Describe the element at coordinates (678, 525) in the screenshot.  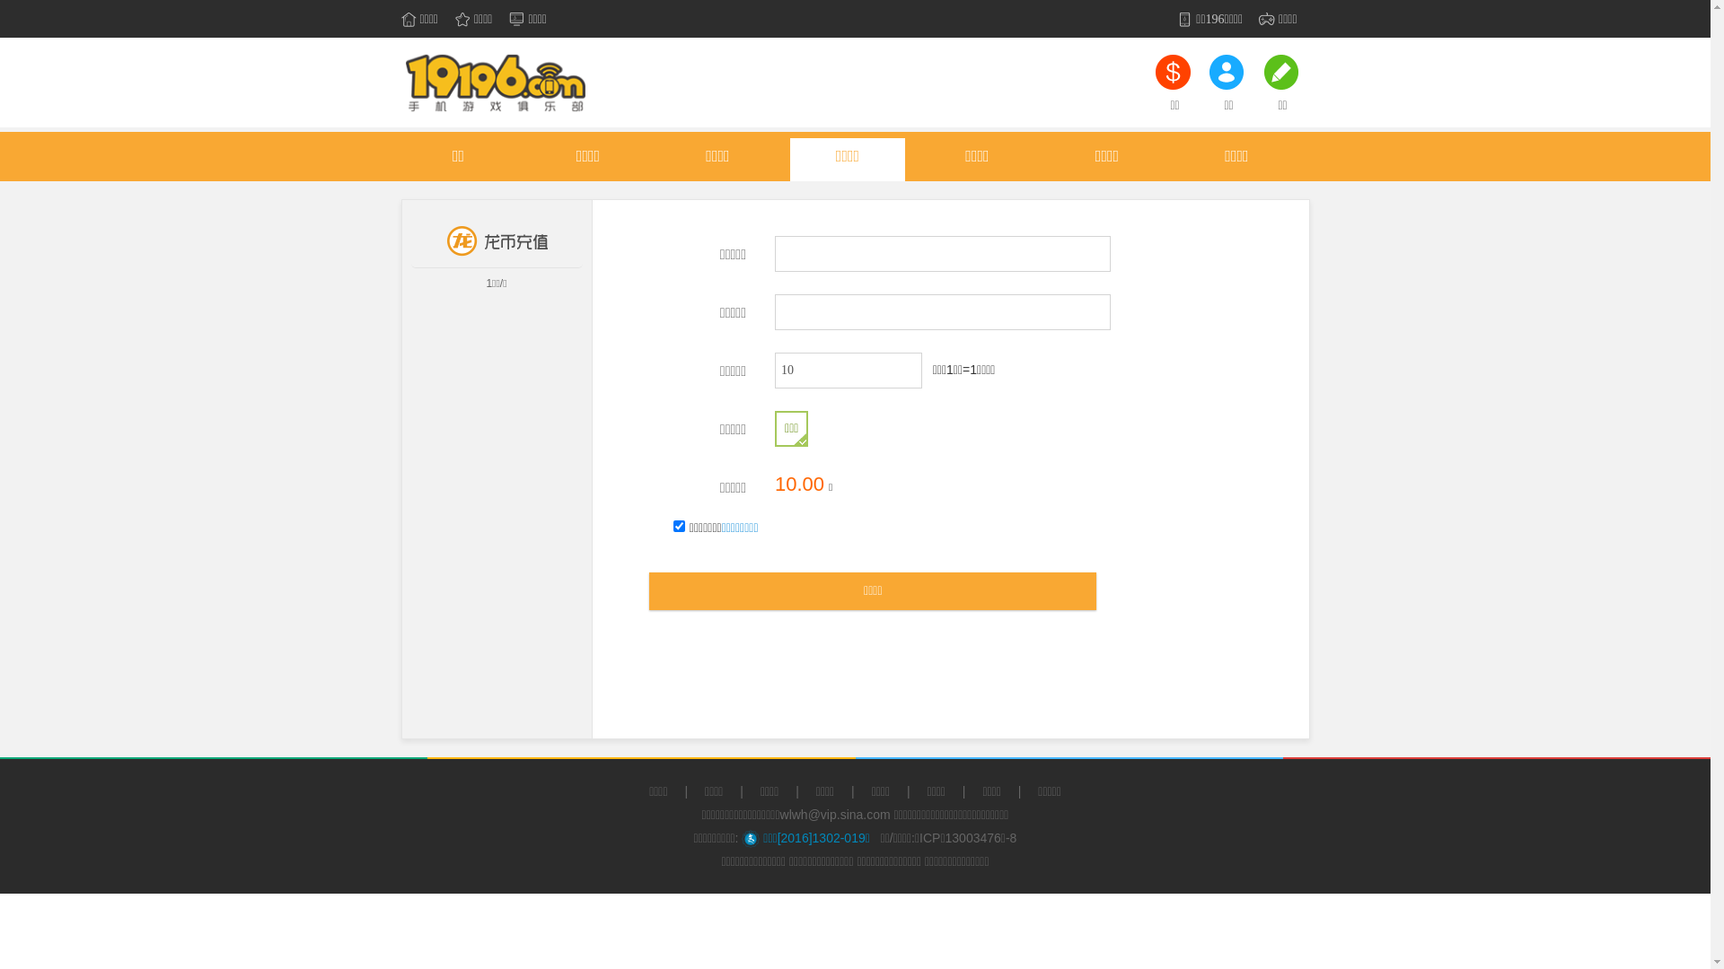
I see `'1'` at that location.